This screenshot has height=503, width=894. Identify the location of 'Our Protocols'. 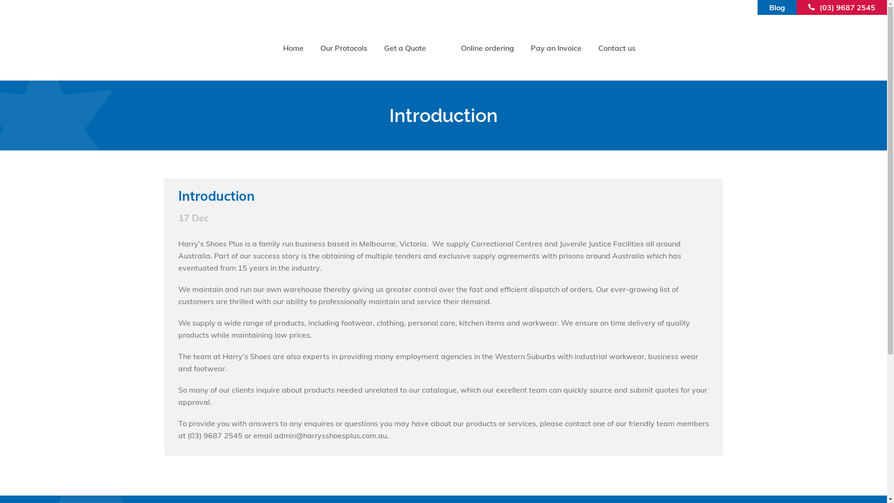
(312, 48).